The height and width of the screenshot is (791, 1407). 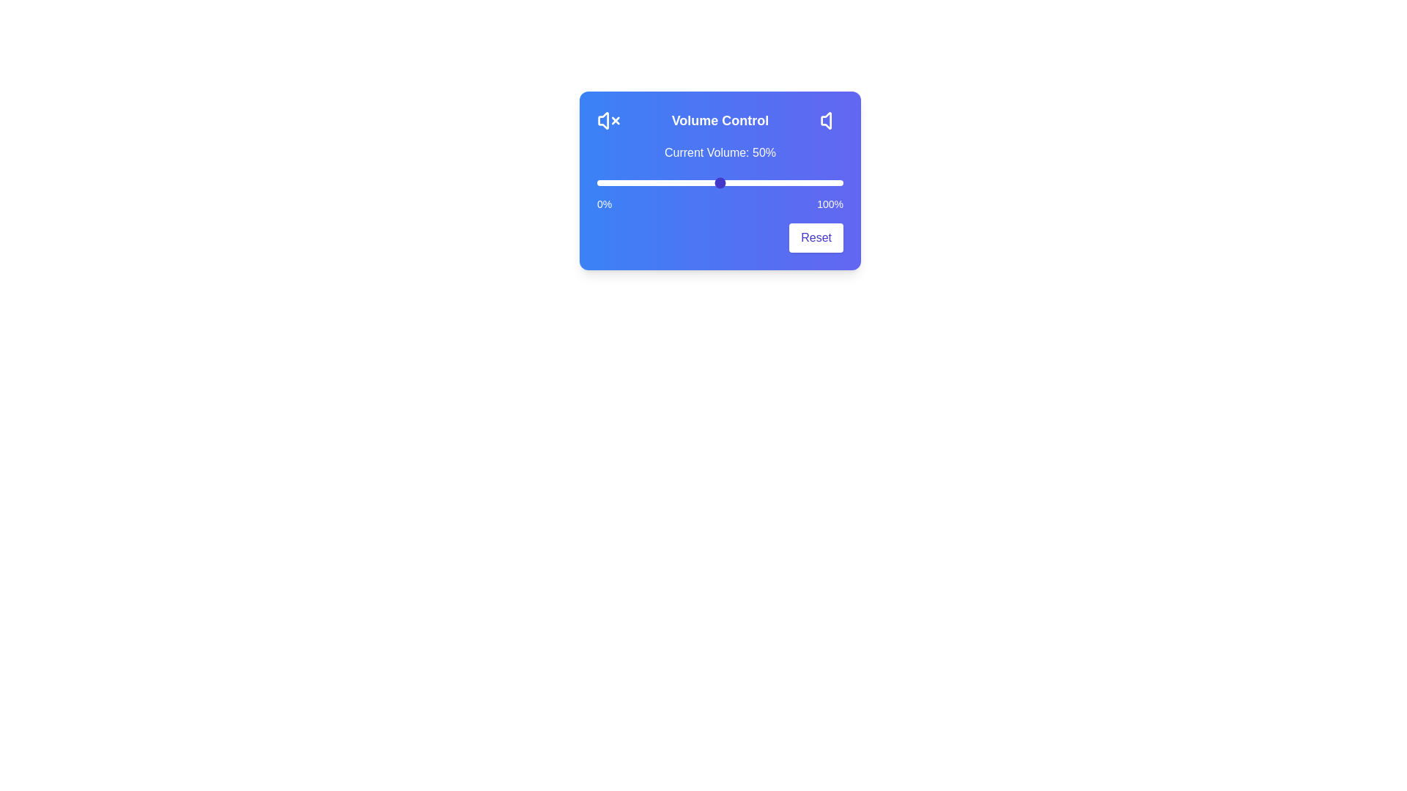 I want to click on the Reset button to reset the volume, so click(x=815, y=237).